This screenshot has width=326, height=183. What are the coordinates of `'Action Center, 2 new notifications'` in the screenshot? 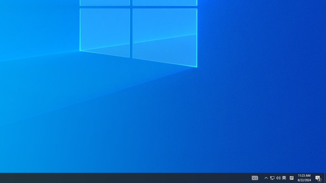 It's located at (325, 177).